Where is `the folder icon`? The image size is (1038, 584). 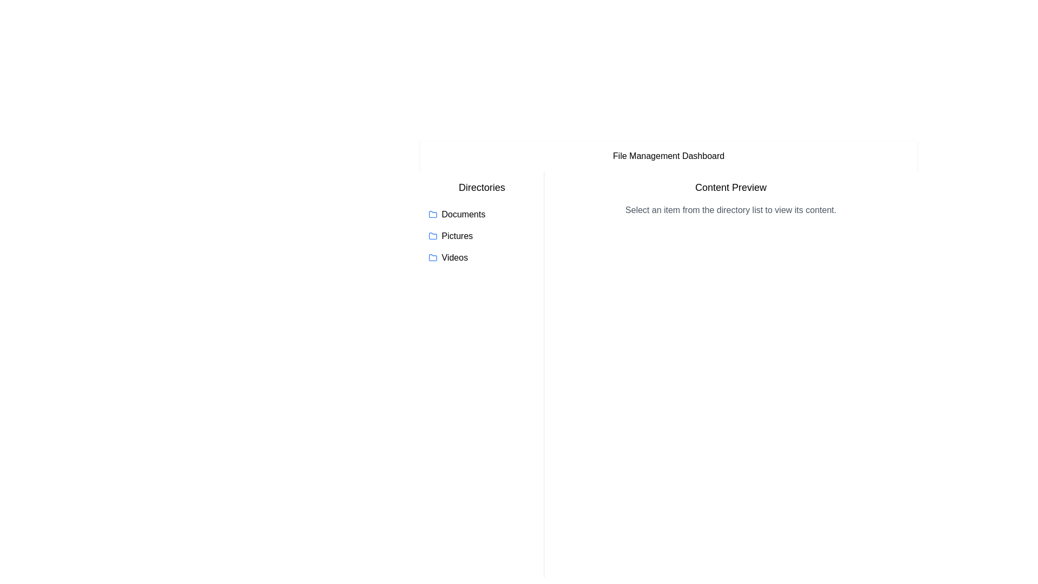 the folder icon is located at coordinates (433, 214).